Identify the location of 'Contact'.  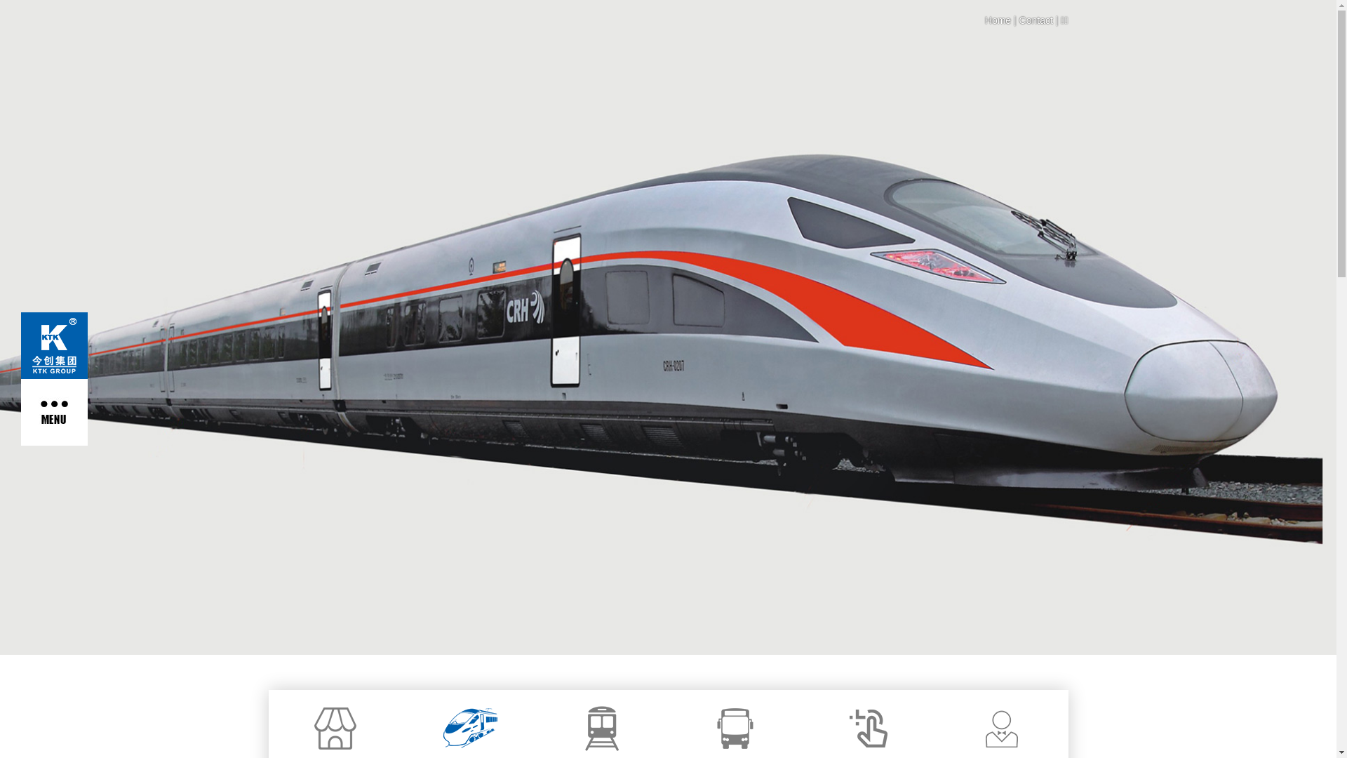
(1036, 20).